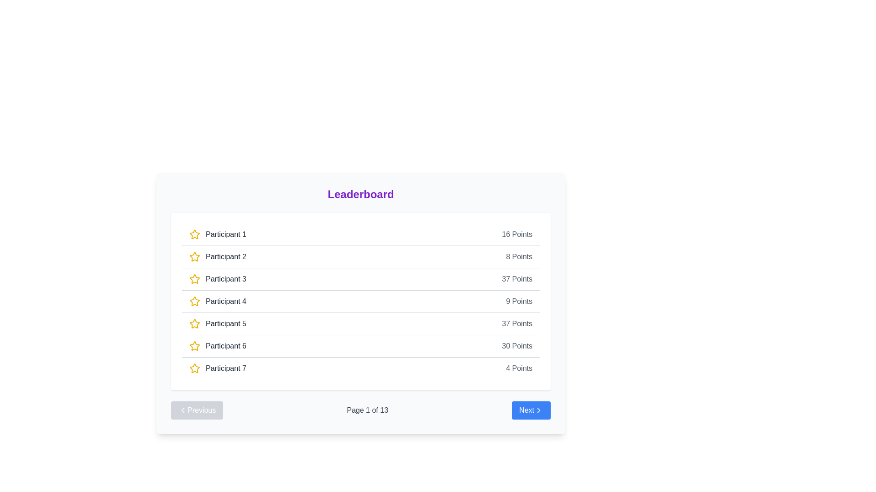 The image size is (876, 492). What do you see at coordinates (531, 410) in the screenshot?
I see `the 'Next' button, which is a rectangular button with rounded corners, a vibrant blue background, and white text, located on the rightmost side of the navigation bar at the bottom of the leaderboard interface` at bounding box center [531, 410].